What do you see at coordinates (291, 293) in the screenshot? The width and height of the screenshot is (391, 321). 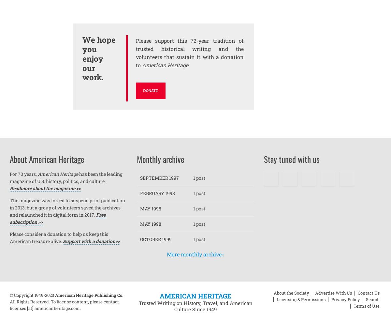 I see `'About the Society'` at bounding box center [291, 293].